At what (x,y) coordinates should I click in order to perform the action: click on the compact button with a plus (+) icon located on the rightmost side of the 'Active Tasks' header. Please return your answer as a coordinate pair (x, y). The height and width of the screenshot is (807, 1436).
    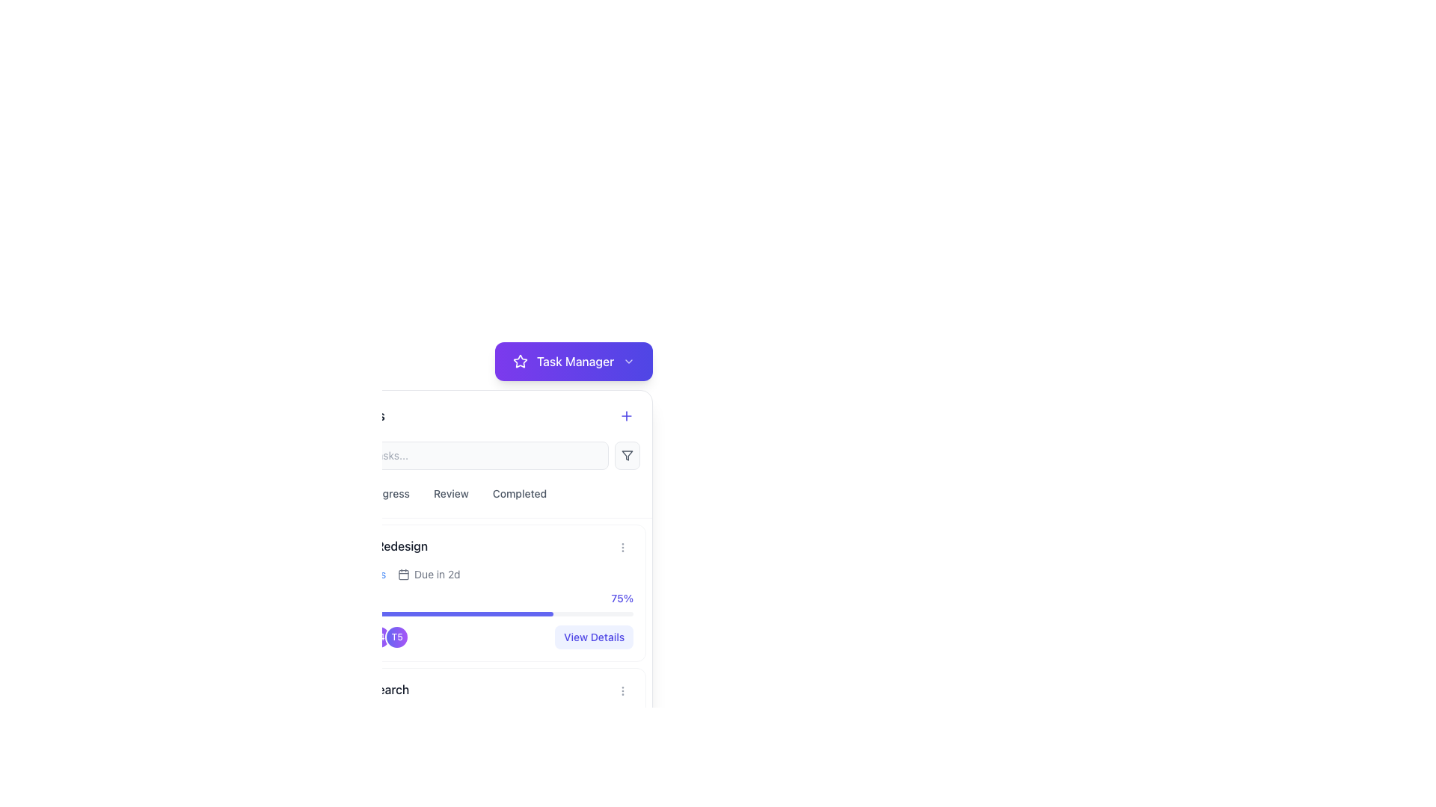
    Looking at the image, I should click on (627, 415).